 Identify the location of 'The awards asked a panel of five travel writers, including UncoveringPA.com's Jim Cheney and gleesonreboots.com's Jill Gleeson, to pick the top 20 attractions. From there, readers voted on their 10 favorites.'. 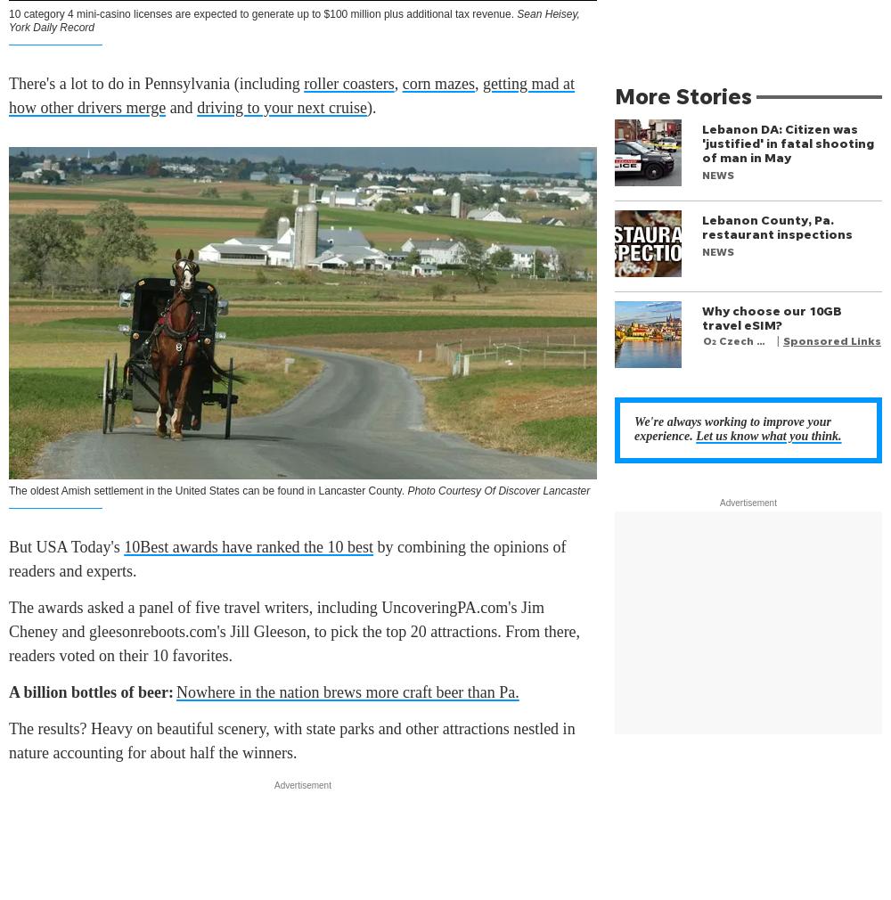
(293, 631).